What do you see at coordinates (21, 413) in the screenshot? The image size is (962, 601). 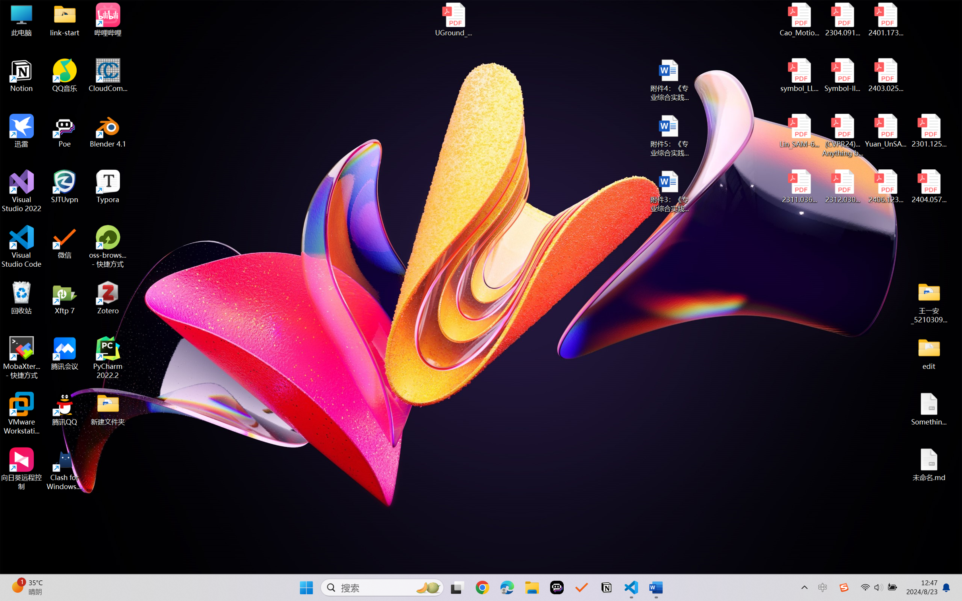 I see `'VMware Workstation Pro'` at bounding box center [21, 413].